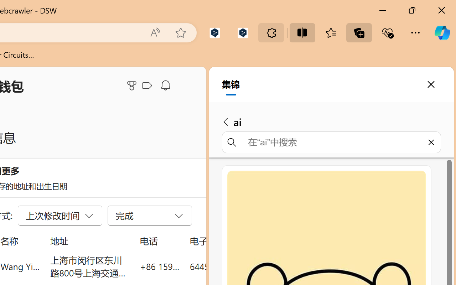 The width and height of the screenshot is (456, 285). I want to click on '644553698@qq.com', so click(229, 266).